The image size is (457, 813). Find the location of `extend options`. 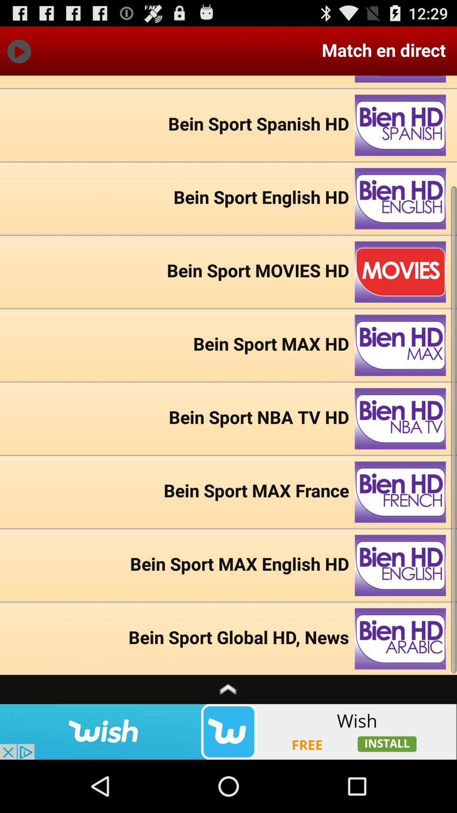

extend options is located at coordinates (228, 689).